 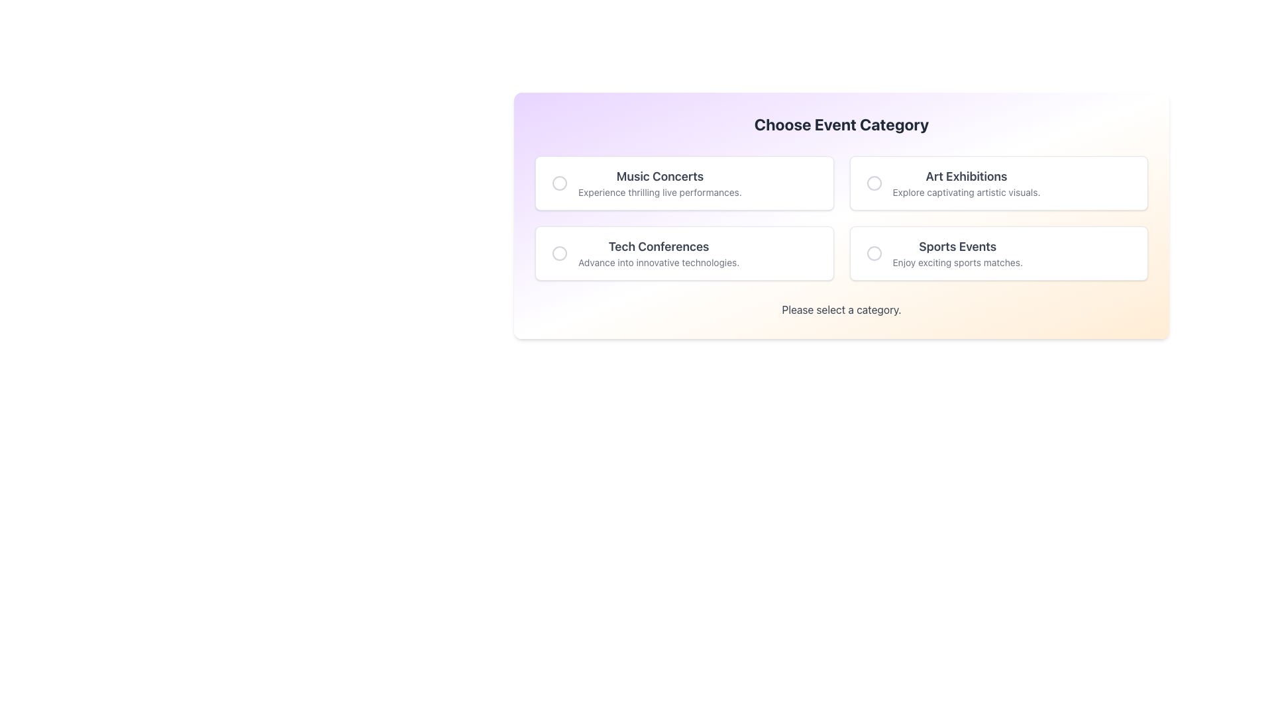 What do you see at coordinates (659, 253) in the screenshot?
I see `the 'Tech Conferences' text label in the 'Choose Event Category' section` at bounding box center [659, 253].